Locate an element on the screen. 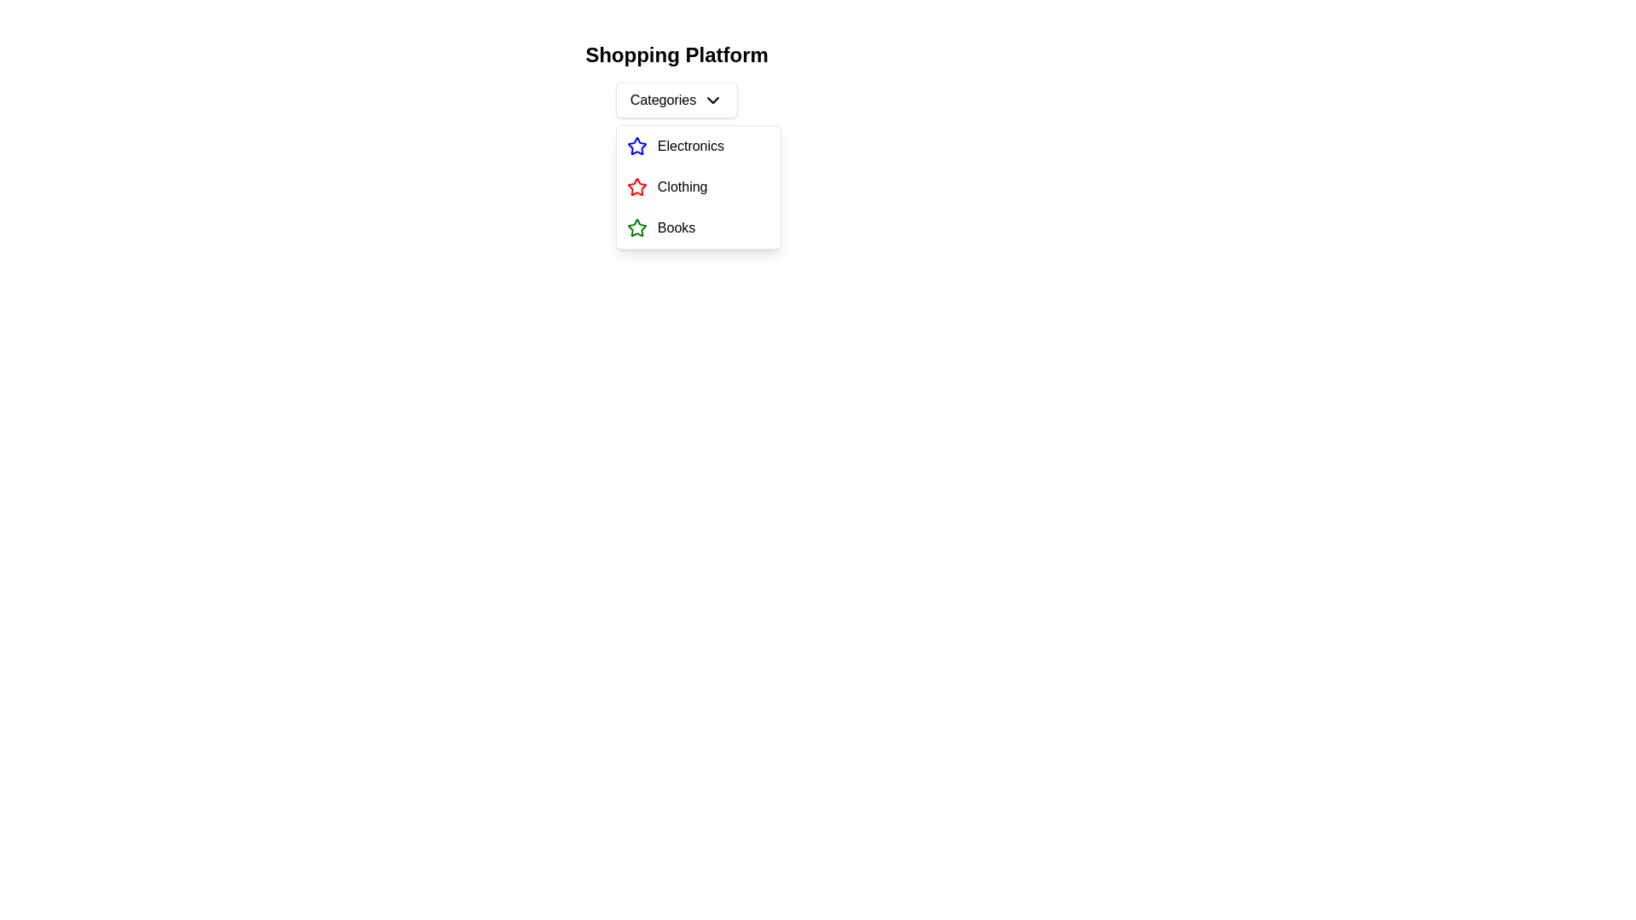 This screenshot has width=1636, height=920. the star-shaped icon with a green stroke located in the 'Books' menu item under 'Categories' is located at coordinates (636, 227).